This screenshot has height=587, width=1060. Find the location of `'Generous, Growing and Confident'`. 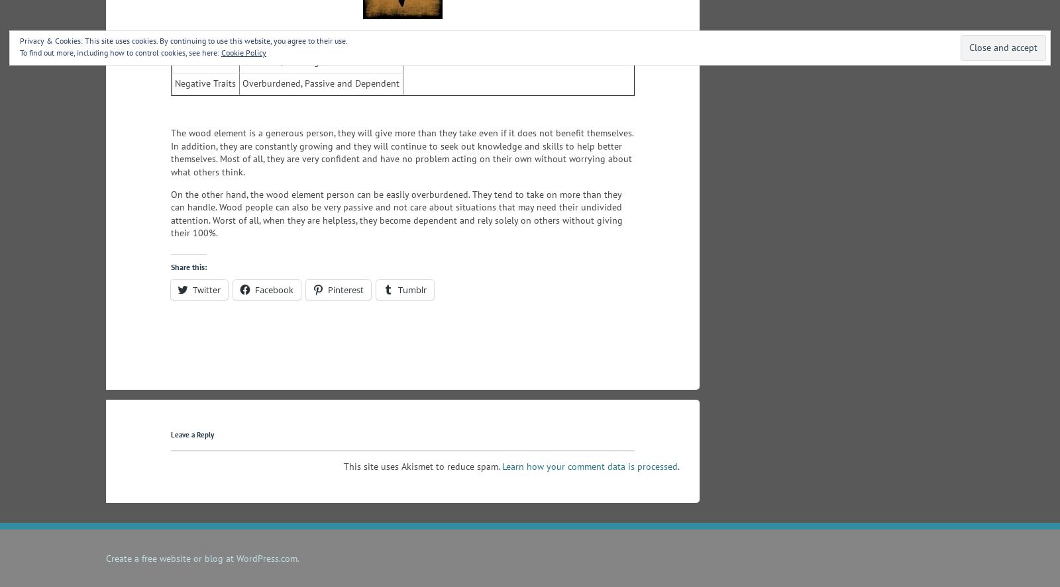

'Generous, Growing and Confident' is located at coordinates (310, 60).